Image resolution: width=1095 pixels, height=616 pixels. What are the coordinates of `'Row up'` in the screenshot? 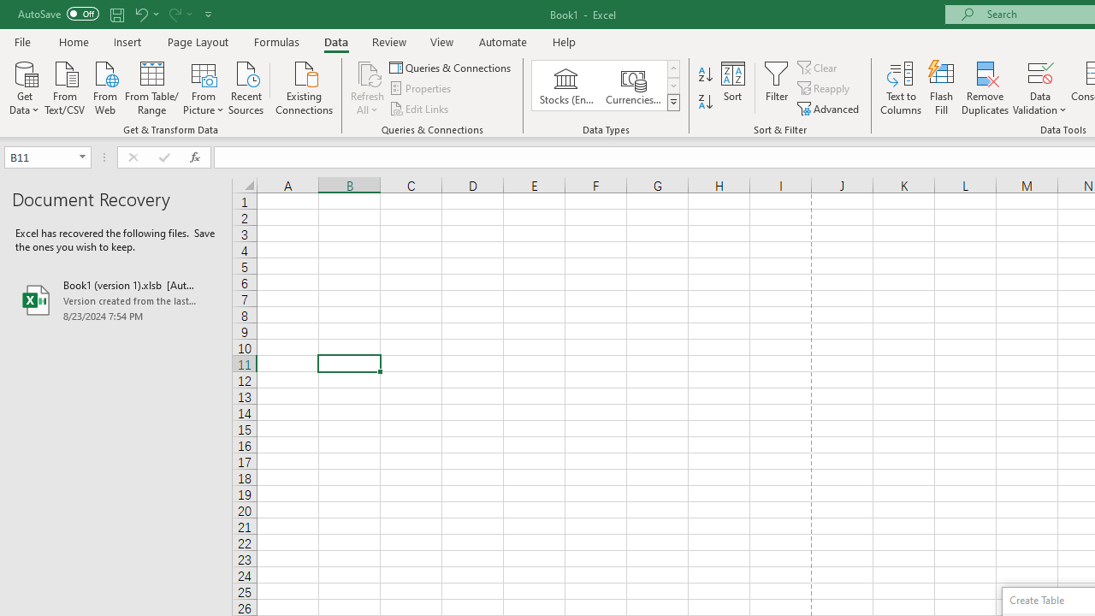 It's located at (672, 68).